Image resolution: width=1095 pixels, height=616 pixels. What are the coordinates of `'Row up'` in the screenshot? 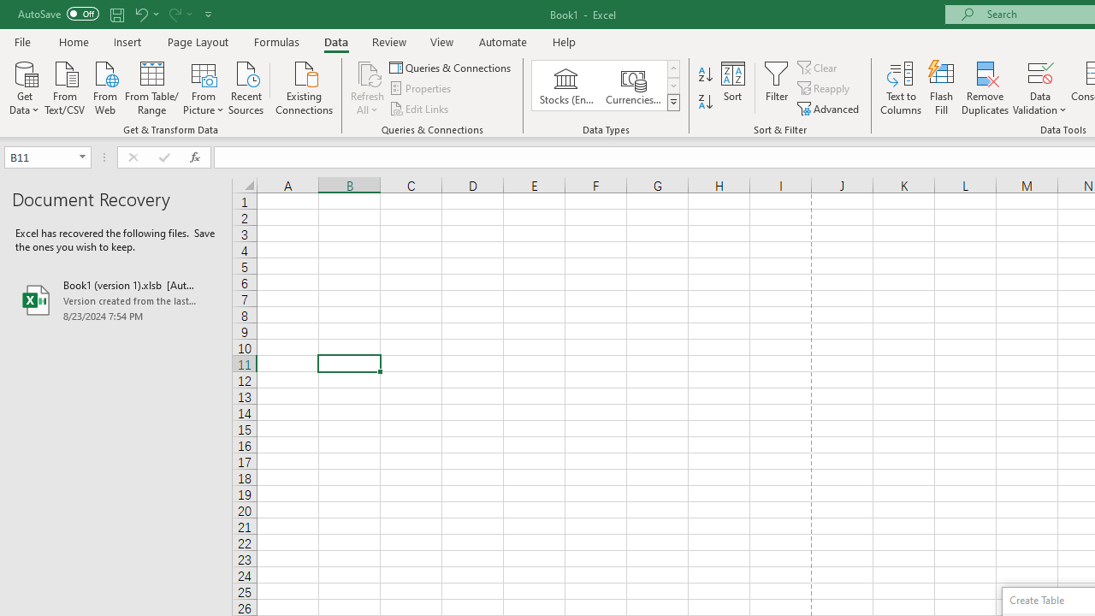 It's located at (672, 68).